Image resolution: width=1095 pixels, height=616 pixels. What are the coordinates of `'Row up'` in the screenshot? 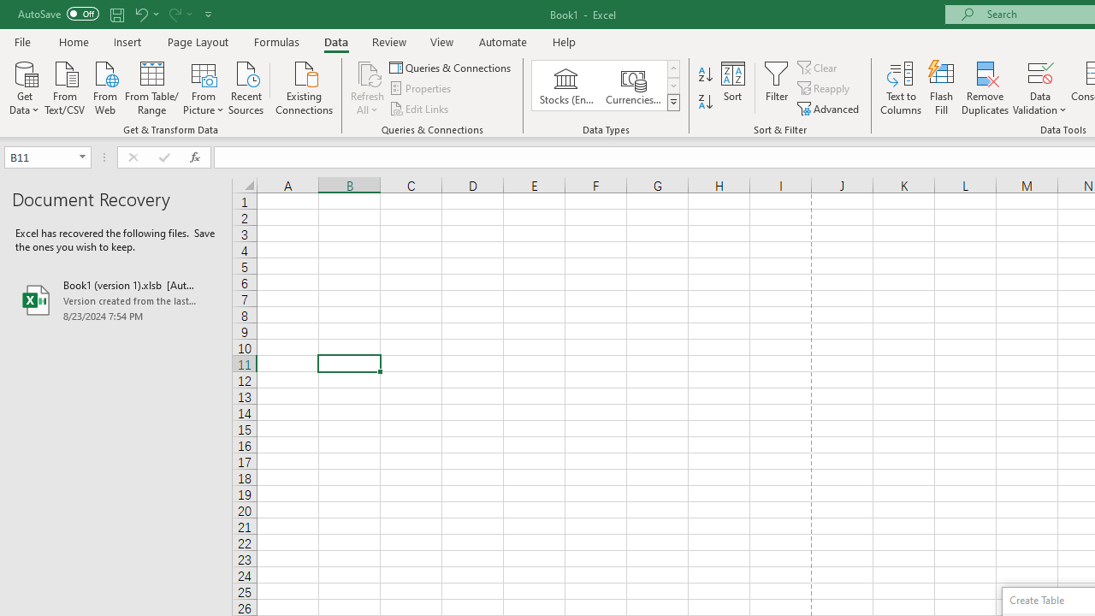 It's located at (672, 68).